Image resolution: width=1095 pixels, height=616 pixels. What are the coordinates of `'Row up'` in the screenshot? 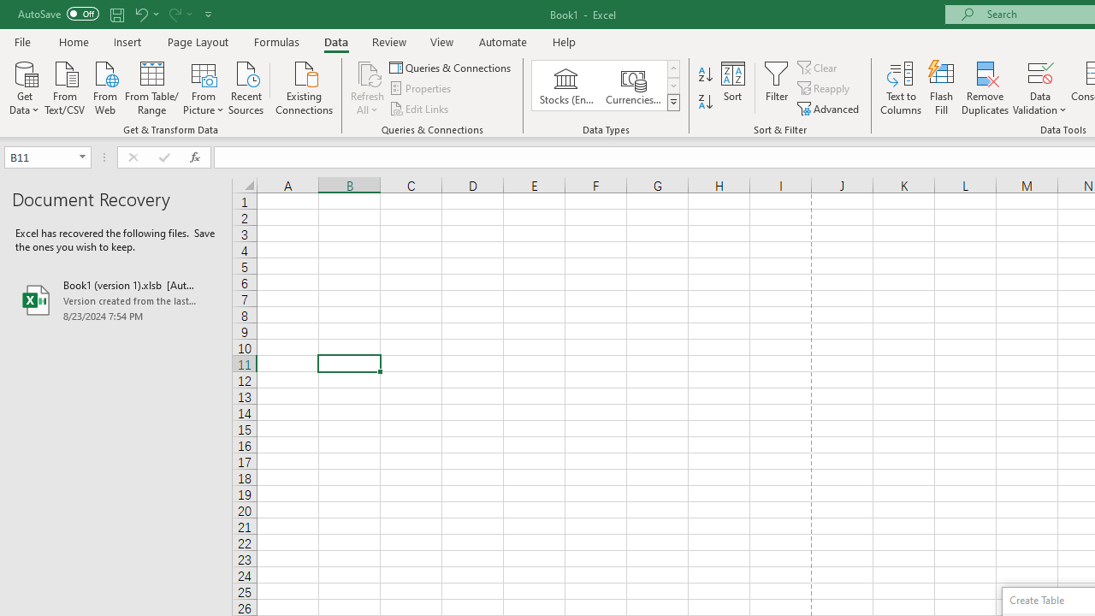 It's located at (672, 68).